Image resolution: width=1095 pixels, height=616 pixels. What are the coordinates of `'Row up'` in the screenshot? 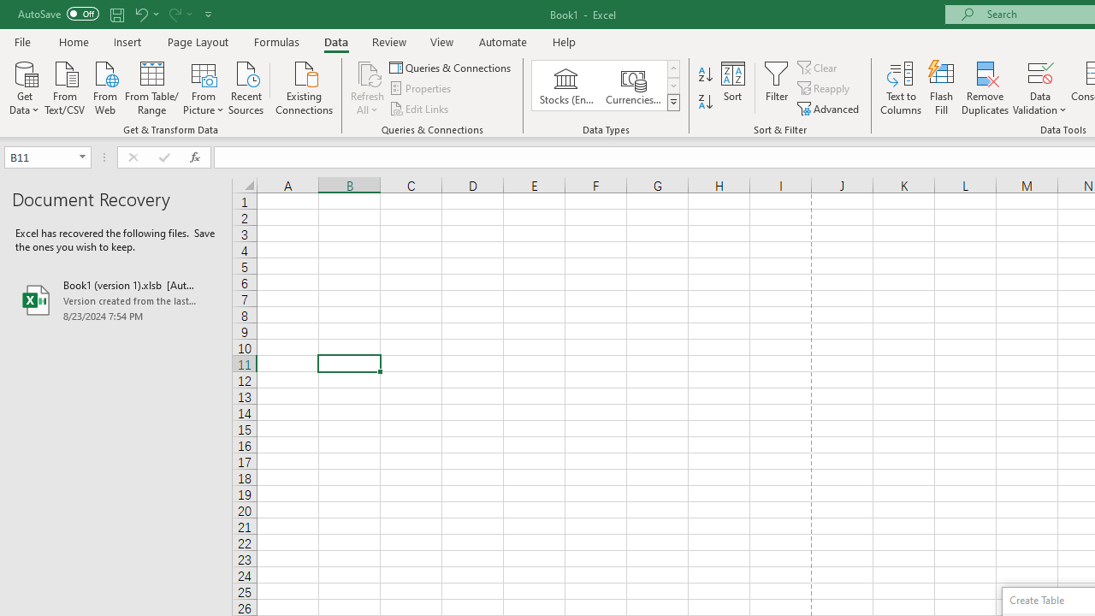 It's located at (672, 68).